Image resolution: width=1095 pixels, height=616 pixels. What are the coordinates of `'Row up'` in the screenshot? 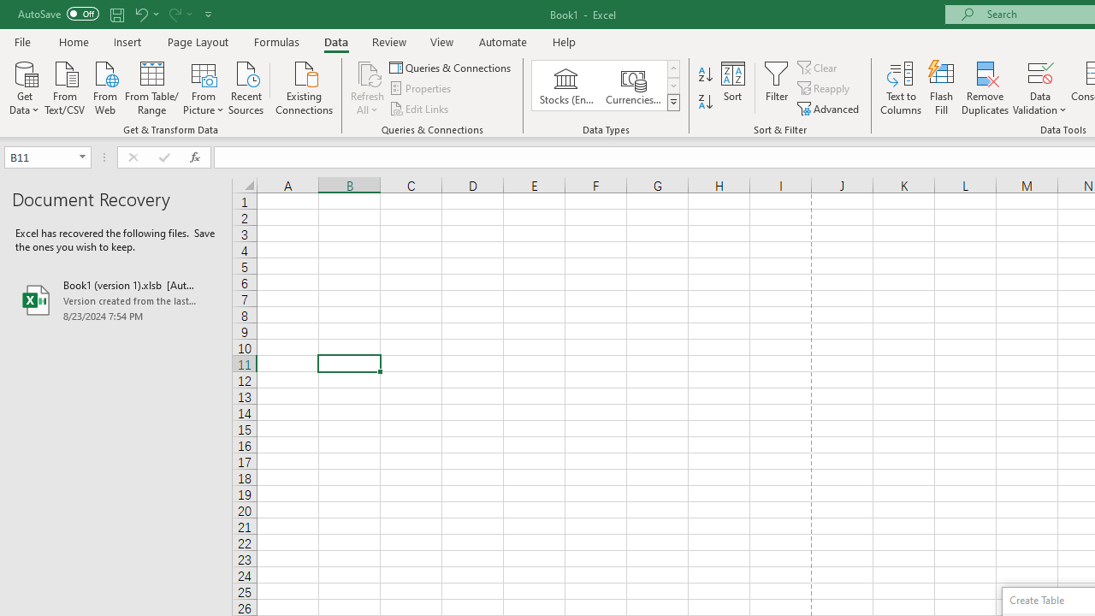 It's located at (672, 68).